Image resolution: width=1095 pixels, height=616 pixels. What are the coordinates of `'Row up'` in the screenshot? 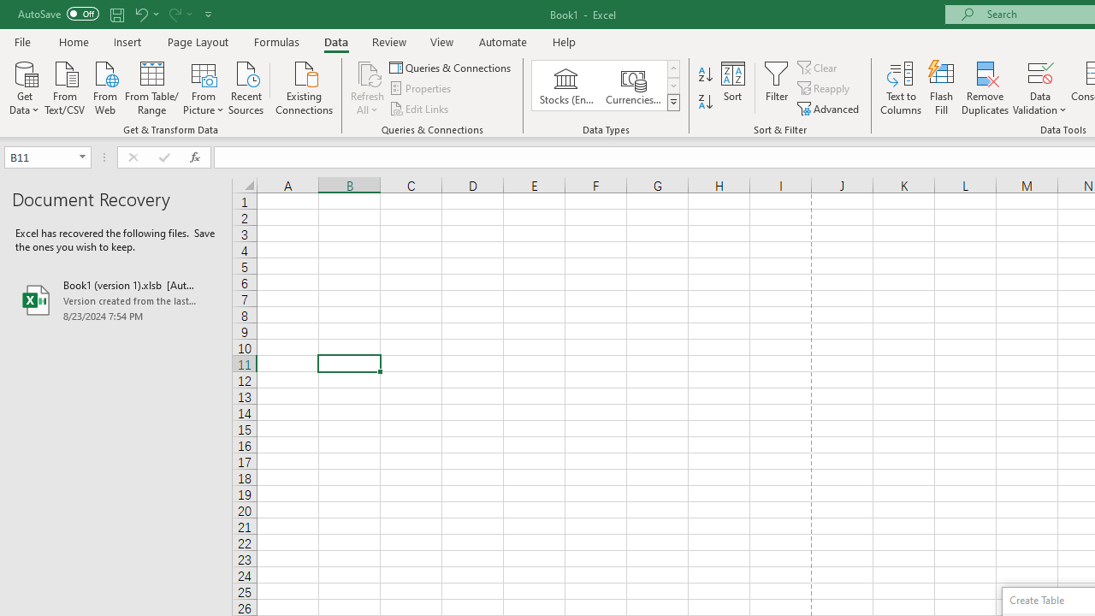 It's located at (672, 68).